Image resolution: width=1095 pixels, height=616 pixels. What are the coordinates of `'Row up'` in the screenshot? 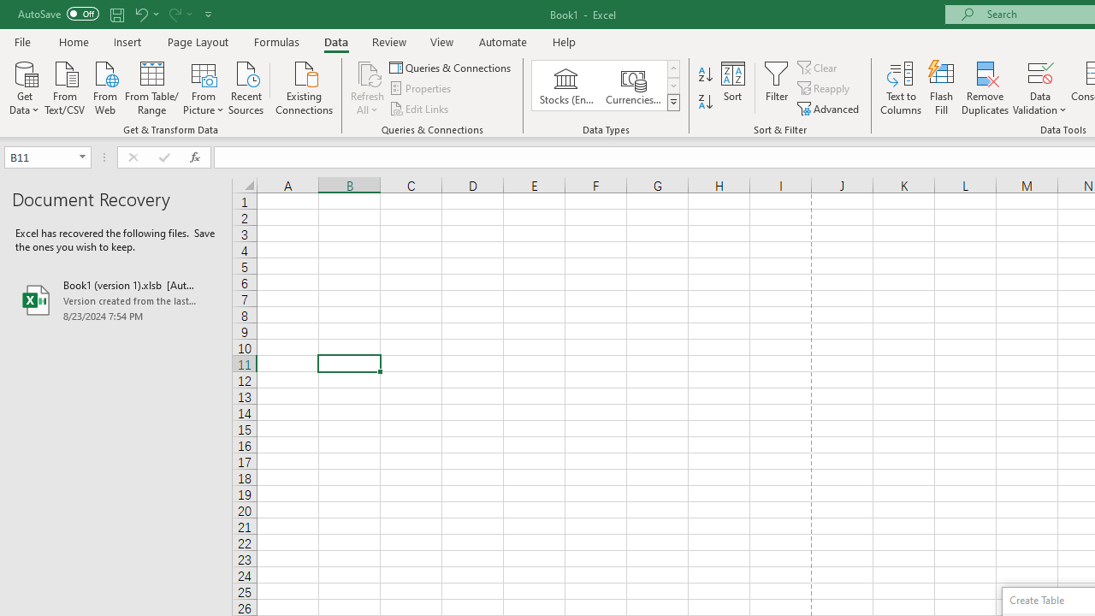 It's located at (672, 68).